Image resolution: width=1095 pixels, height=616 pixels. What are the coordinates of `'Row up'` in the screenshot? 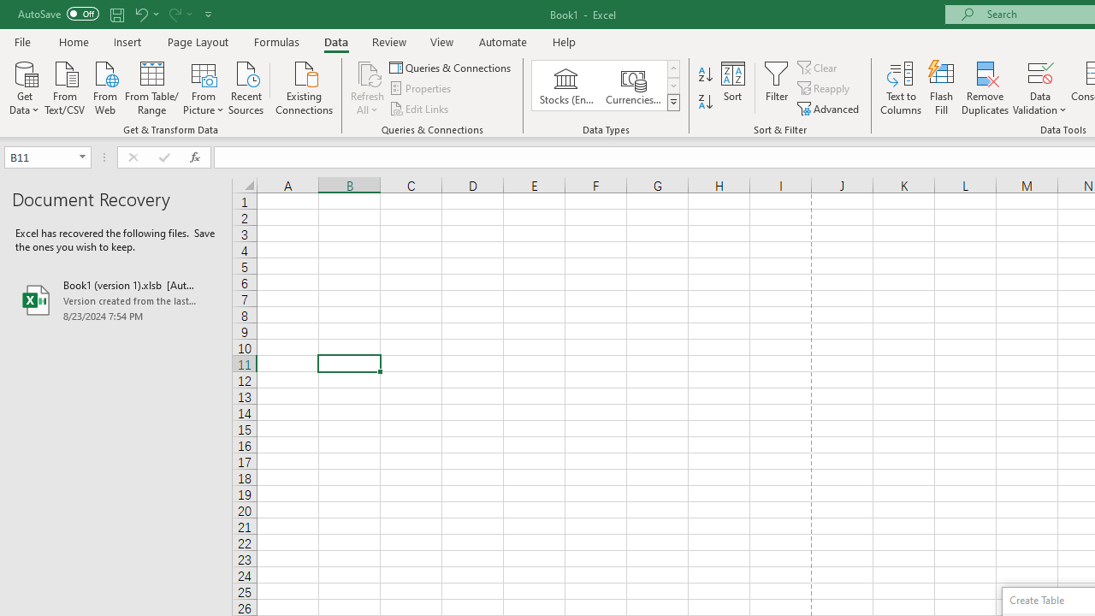 It's located at (672, 68).